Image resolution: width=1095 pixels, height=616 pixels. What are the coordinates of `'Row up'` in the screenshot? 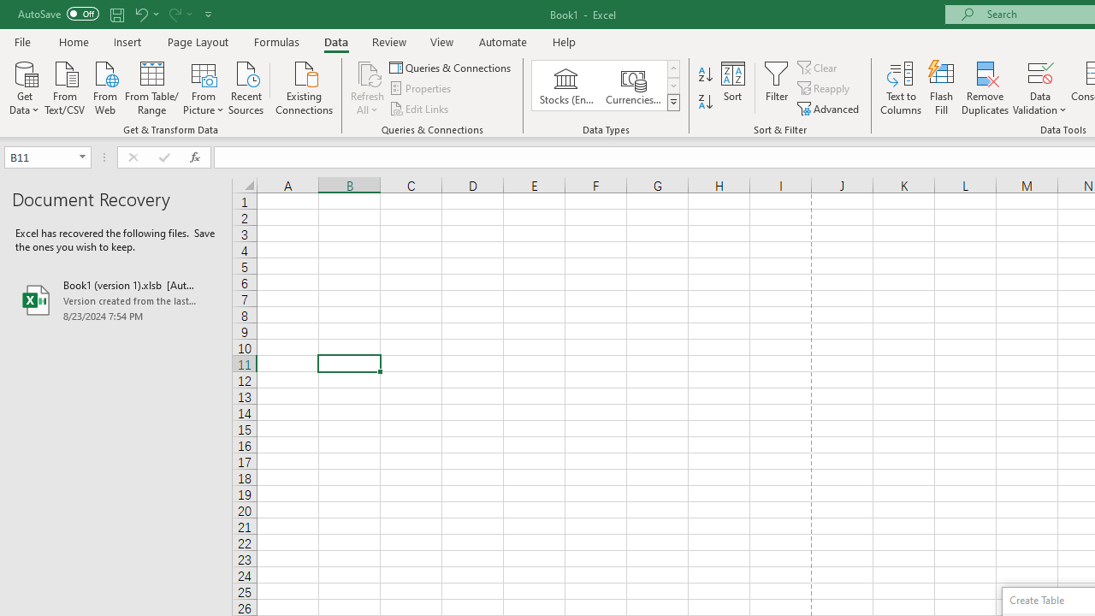 It's located at (672, 68).